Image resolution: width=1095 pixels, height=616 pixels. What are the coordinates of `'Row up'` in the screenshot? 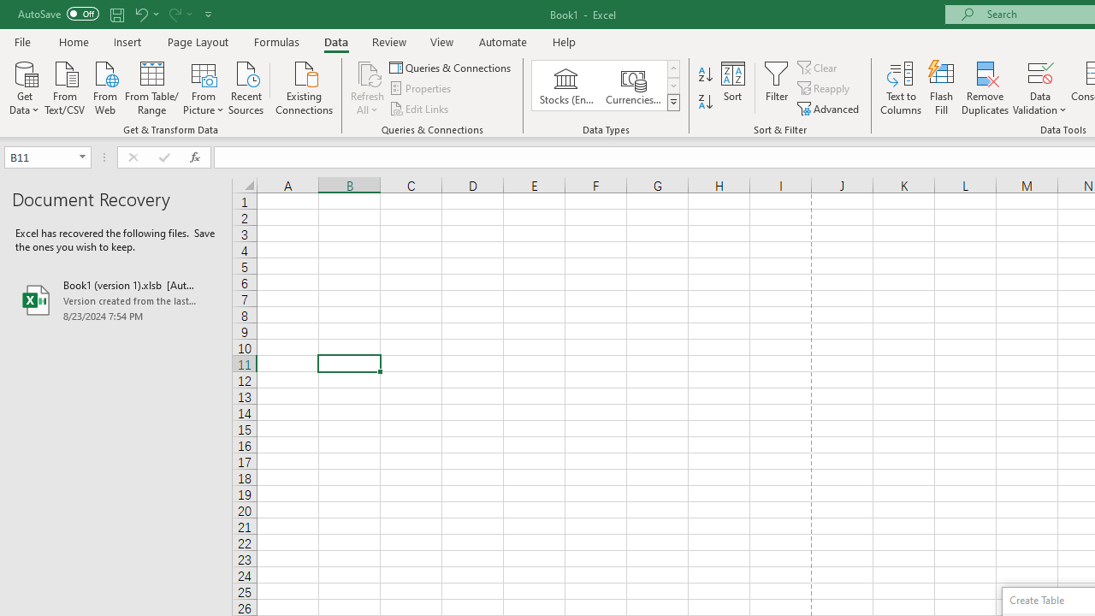 It's located at (672, 68).